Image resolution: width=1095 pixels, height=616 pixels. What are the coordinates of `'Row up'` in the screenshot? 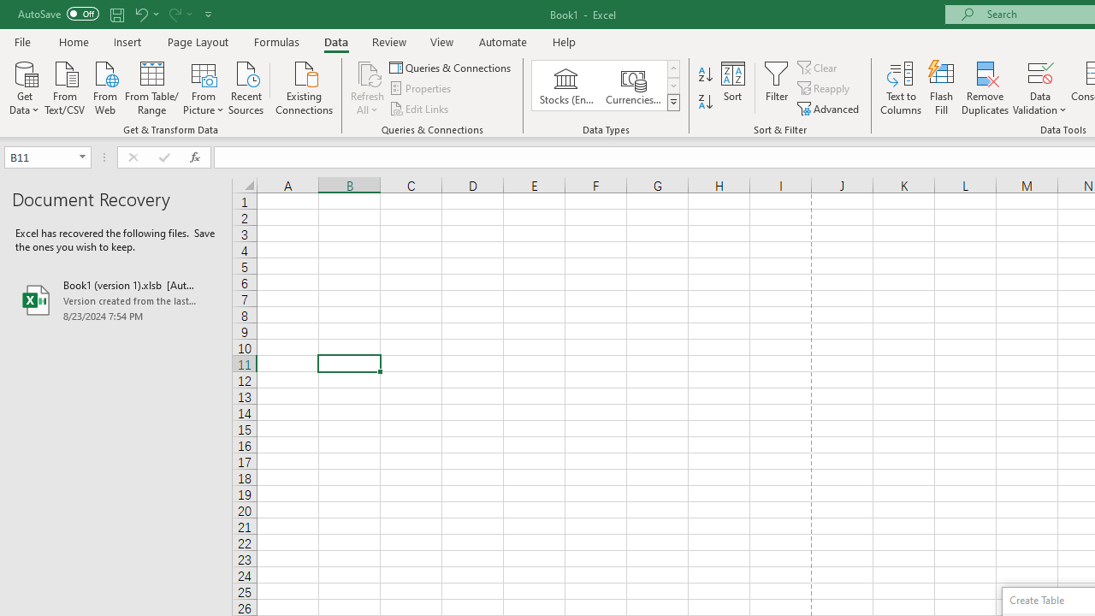 It's located at (672, 68).